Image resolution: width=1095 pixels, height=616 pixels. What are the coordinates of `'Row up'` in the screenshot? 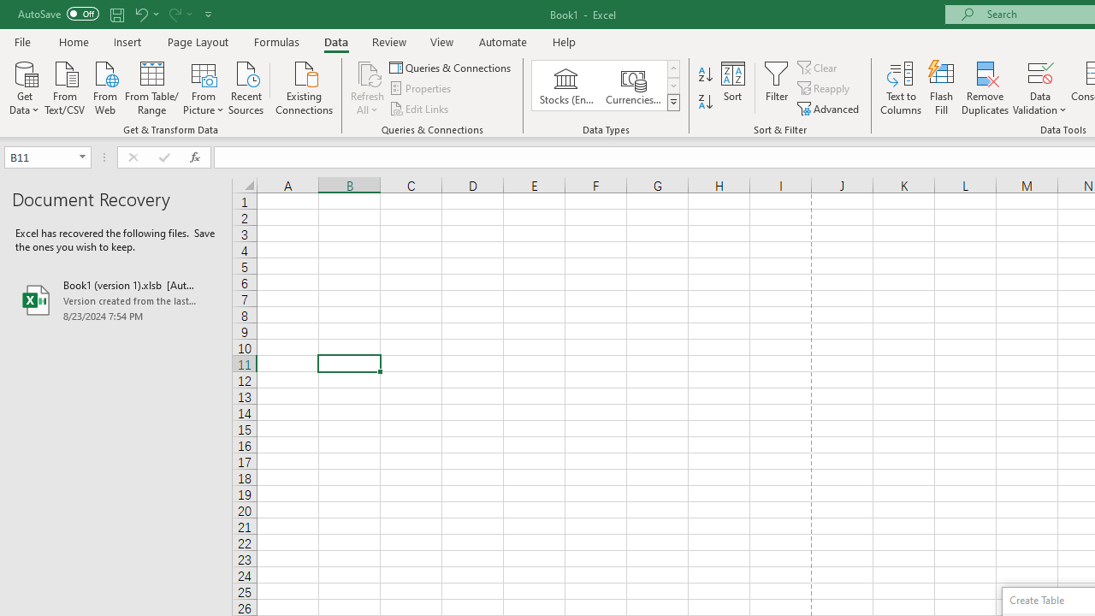 It's located at (672, 68).